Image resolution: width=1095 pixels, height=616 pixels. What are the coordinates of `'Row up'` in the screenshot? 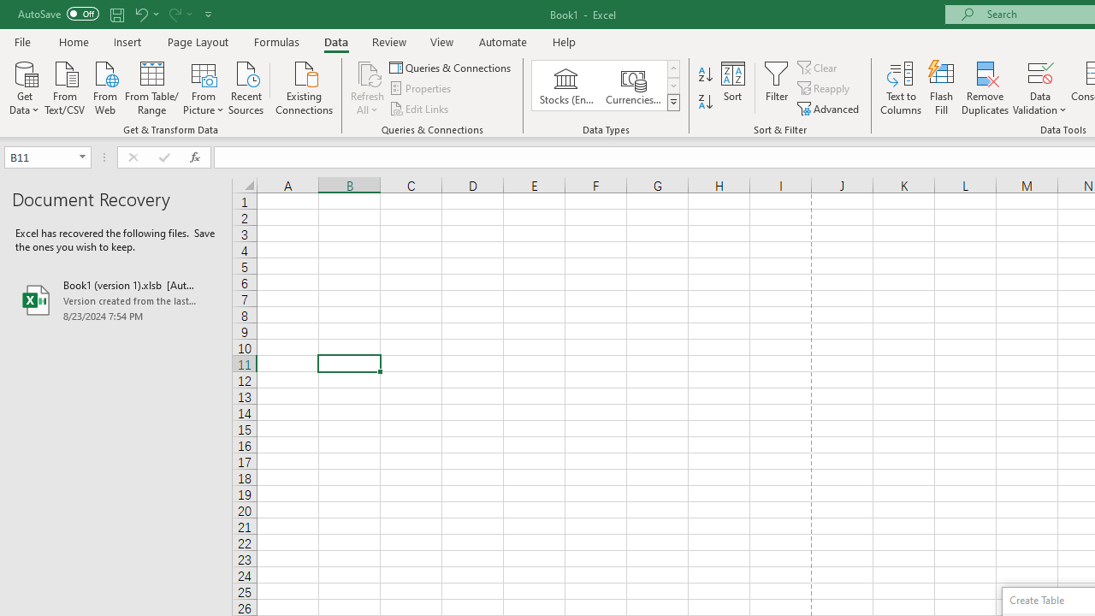 It's located at (672, 68).